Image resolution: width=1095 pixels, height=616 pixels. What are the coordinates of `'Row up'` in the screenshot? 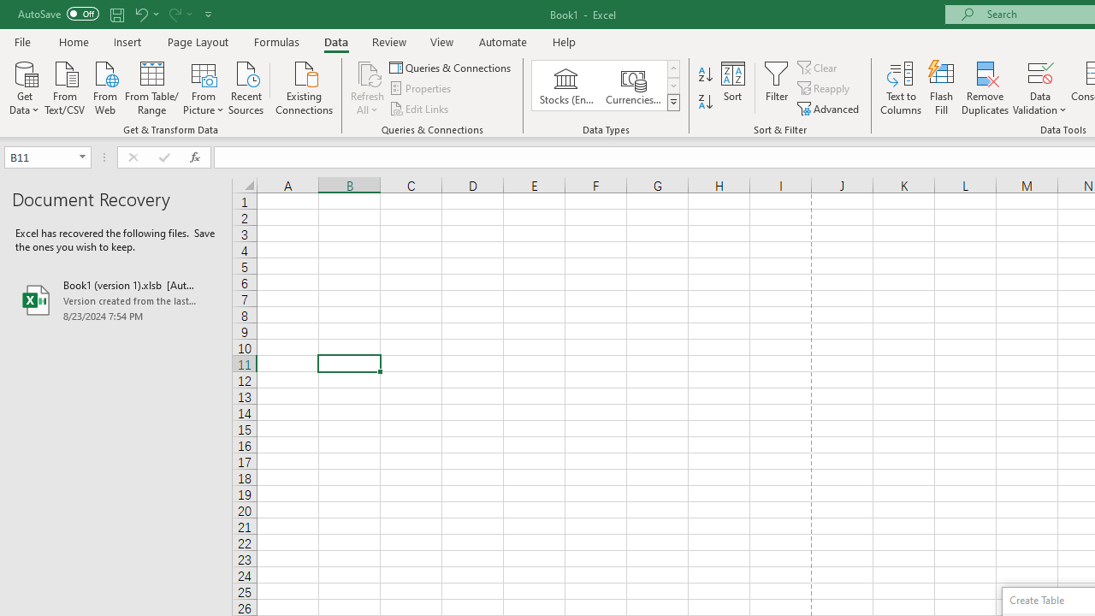 It's located at (672, 68).